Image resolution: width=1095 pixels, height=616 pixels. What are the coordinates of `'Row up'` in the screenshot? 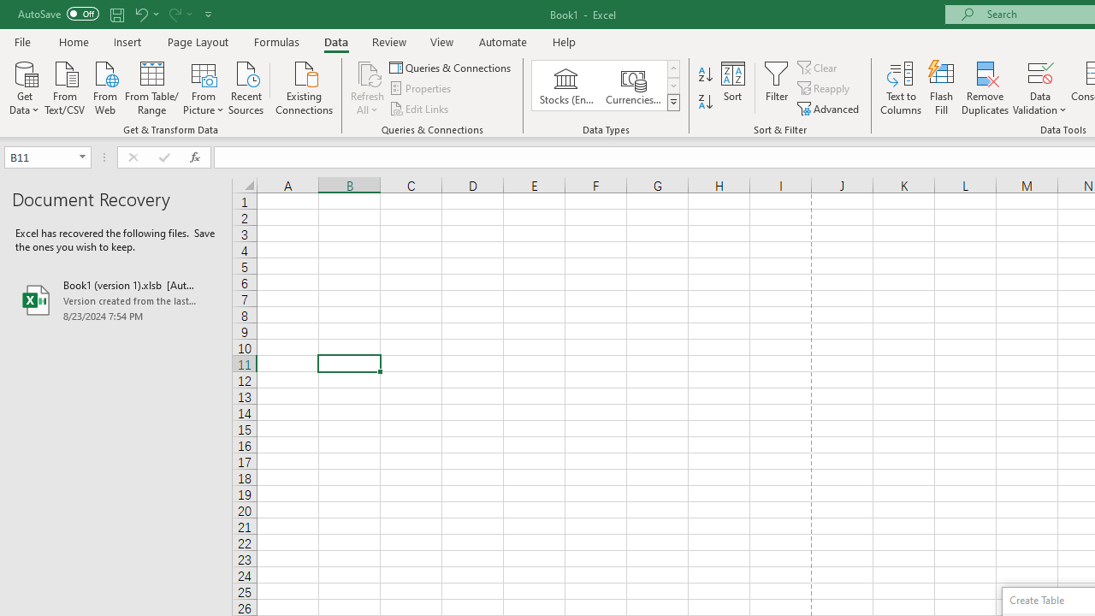 It's located at (672, 68).